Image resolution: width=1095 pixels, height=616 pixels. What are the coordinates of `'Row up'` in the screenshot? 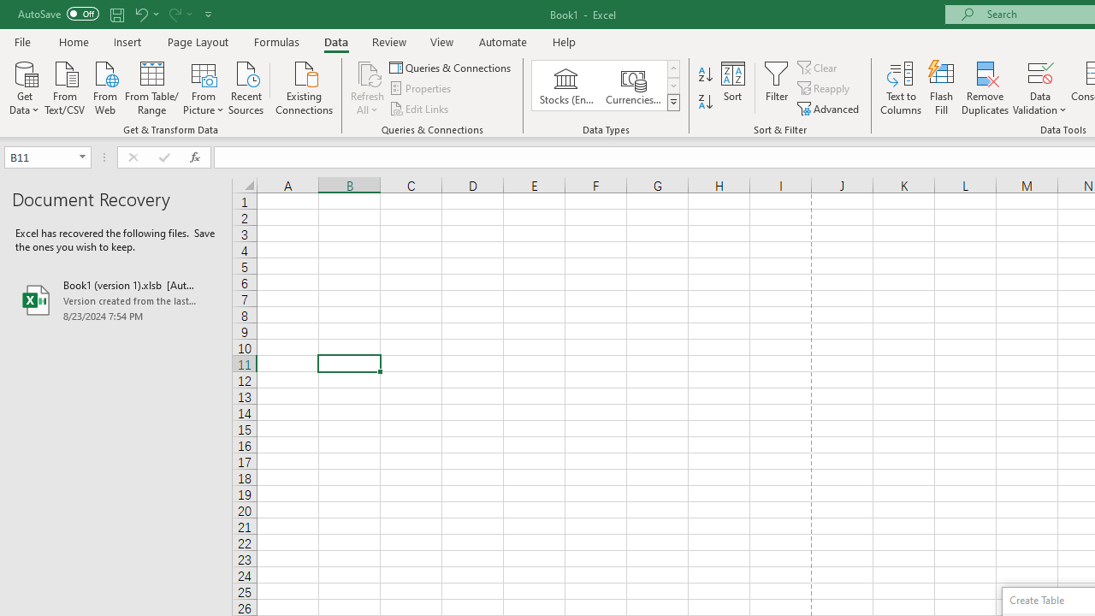 It's located at (672, 68).